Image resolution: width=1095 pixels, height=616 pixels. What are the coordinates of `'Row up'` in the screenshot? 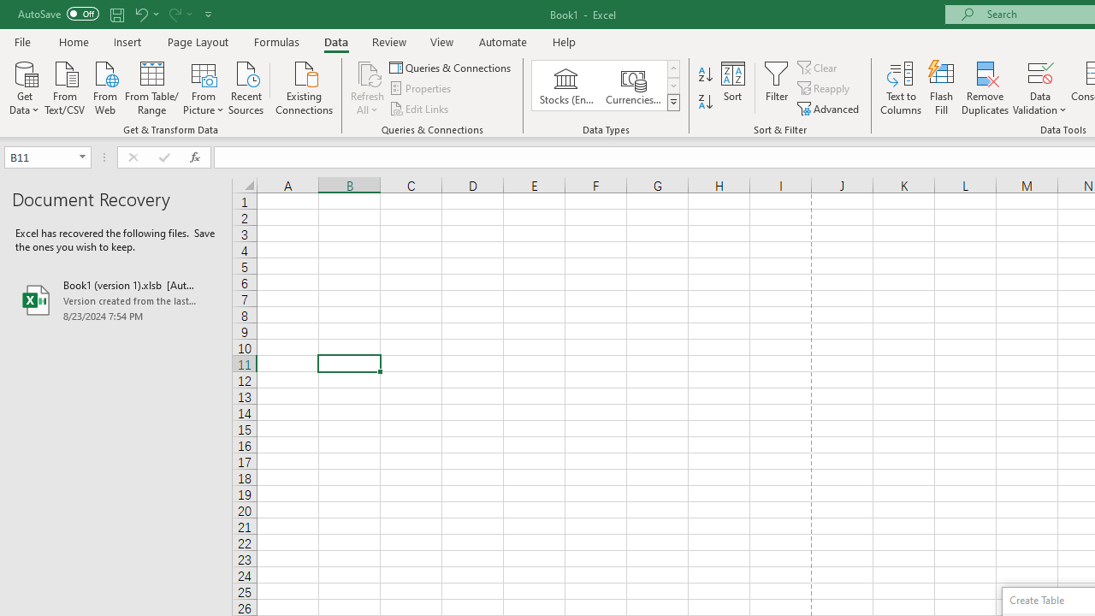 It's located at (672, 68).